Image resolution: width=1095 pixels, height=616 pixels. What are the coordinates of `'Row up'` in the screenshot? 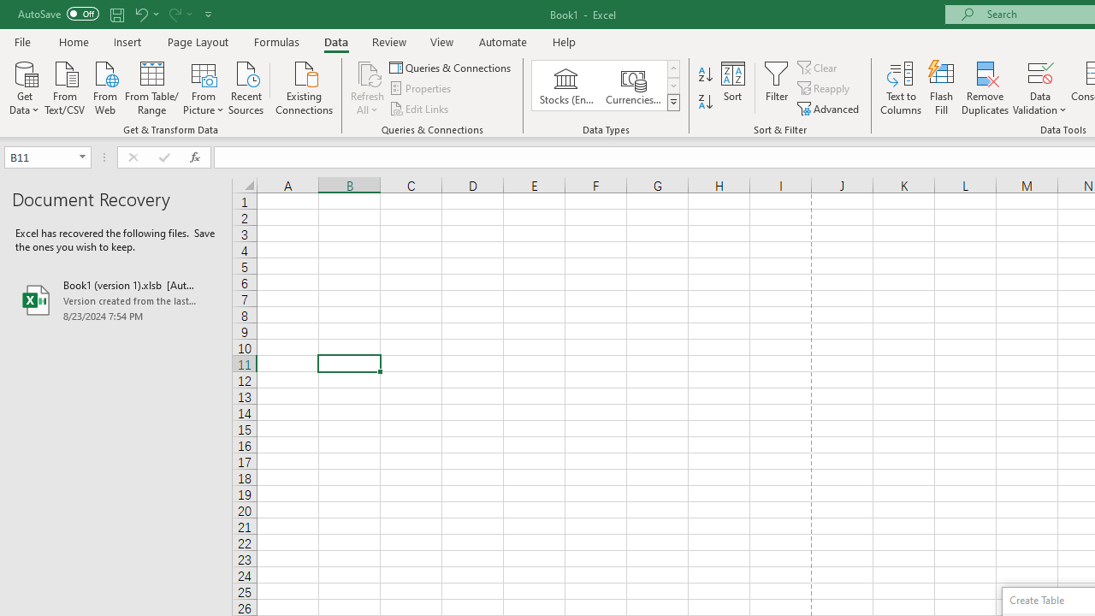 It's located at (672, 68).